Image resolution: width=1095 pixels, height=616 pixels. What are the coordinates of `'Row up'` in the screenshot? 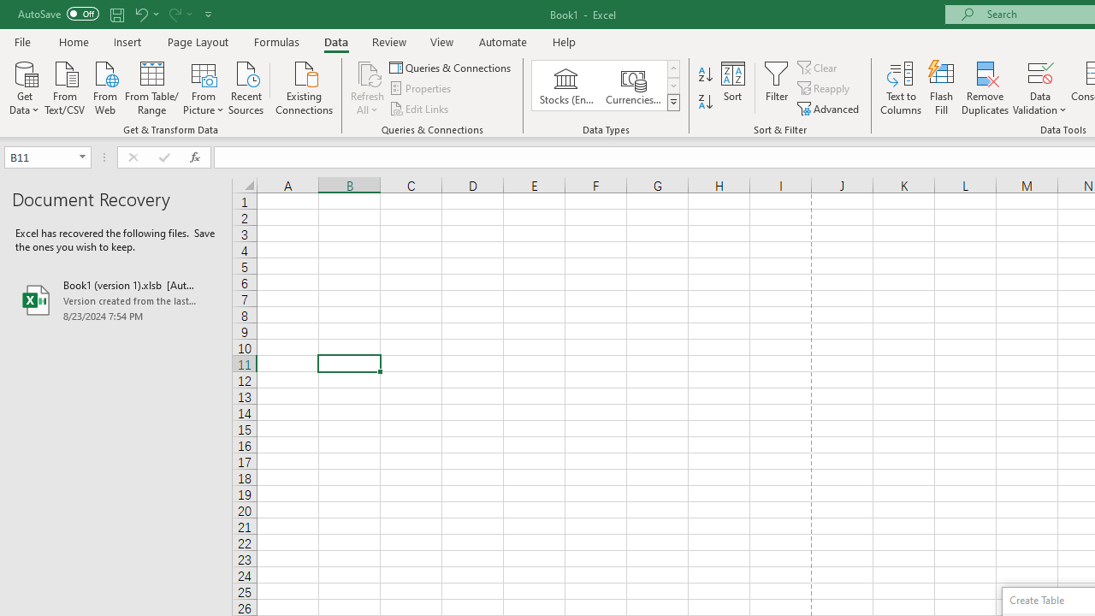 It's located at (672, 68).